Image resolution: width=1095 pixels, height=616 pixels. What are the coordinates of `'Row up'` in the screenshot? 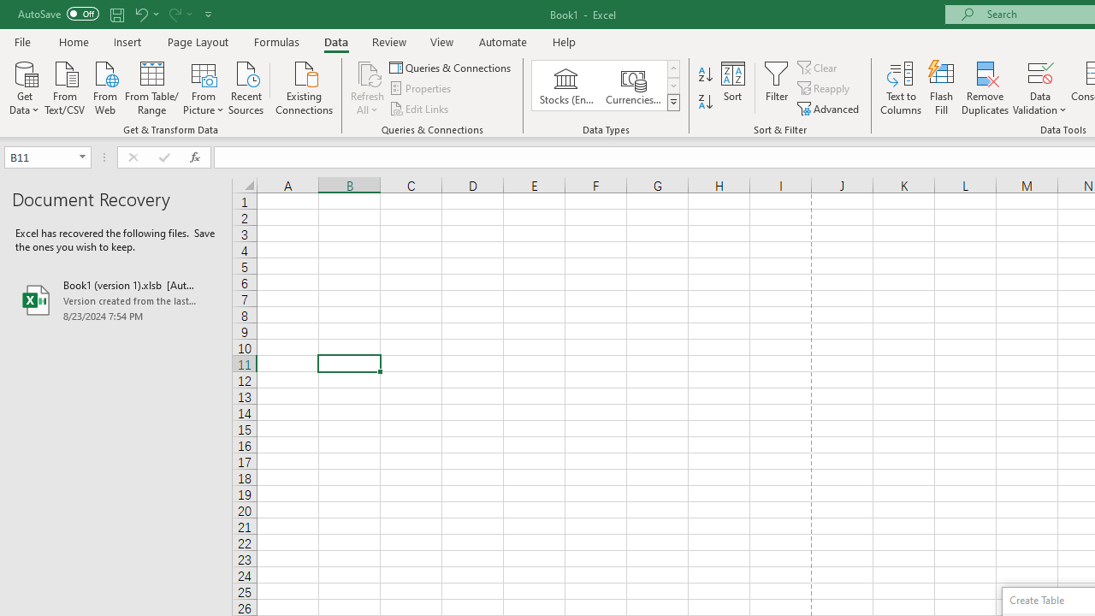 It's located at (672, 68).